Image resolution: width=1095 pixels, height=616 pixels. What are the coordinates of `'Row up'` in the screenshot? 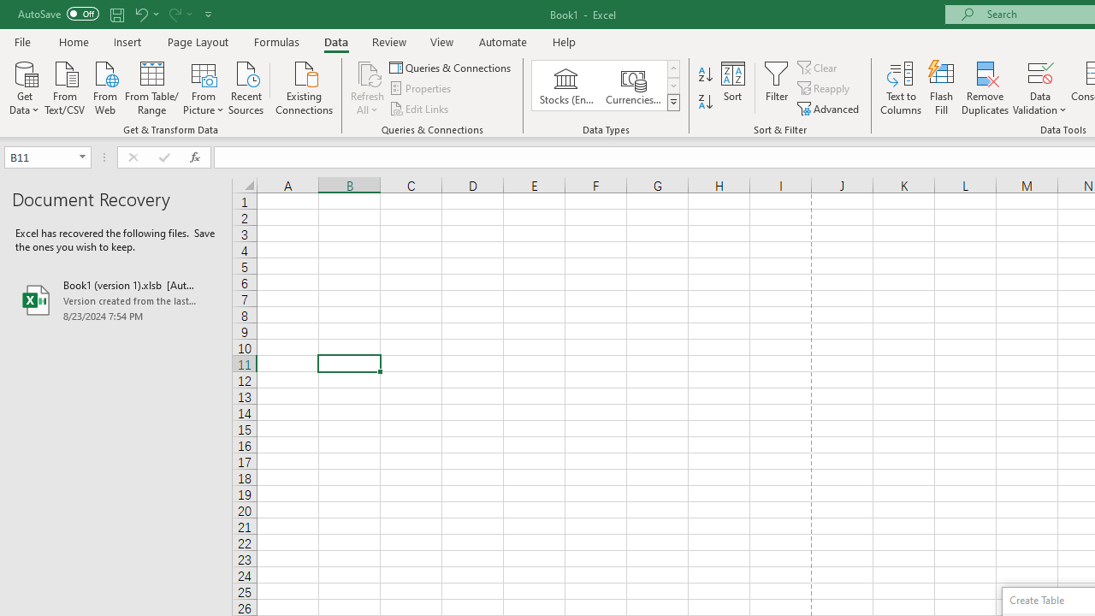 It's located at (672, 68).